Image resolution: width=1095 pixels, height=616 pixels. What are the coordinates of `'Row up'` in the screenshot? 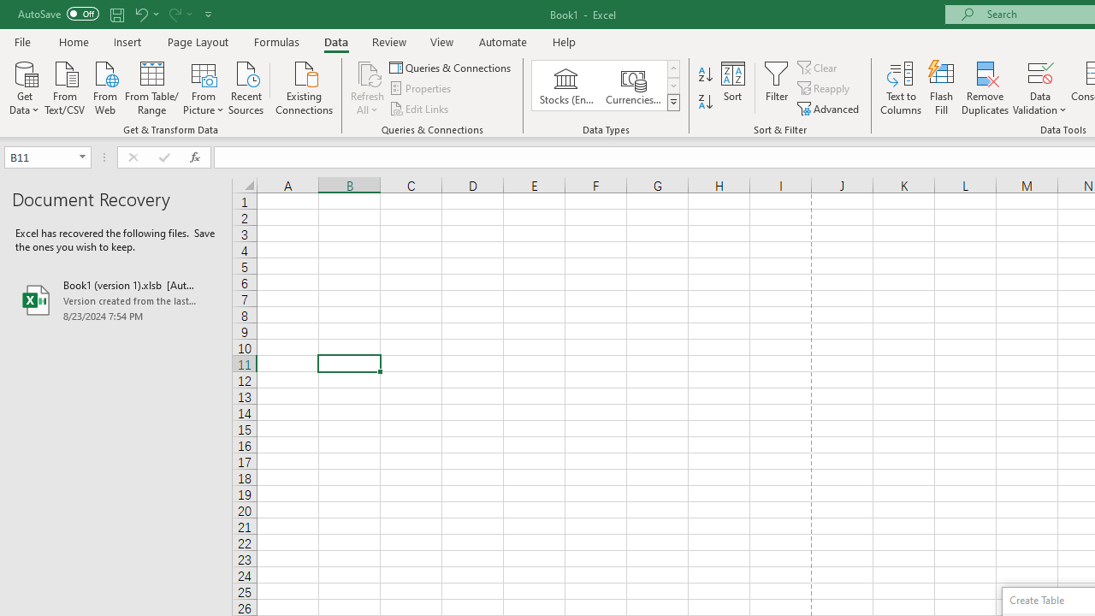 It's located at (672, 68).